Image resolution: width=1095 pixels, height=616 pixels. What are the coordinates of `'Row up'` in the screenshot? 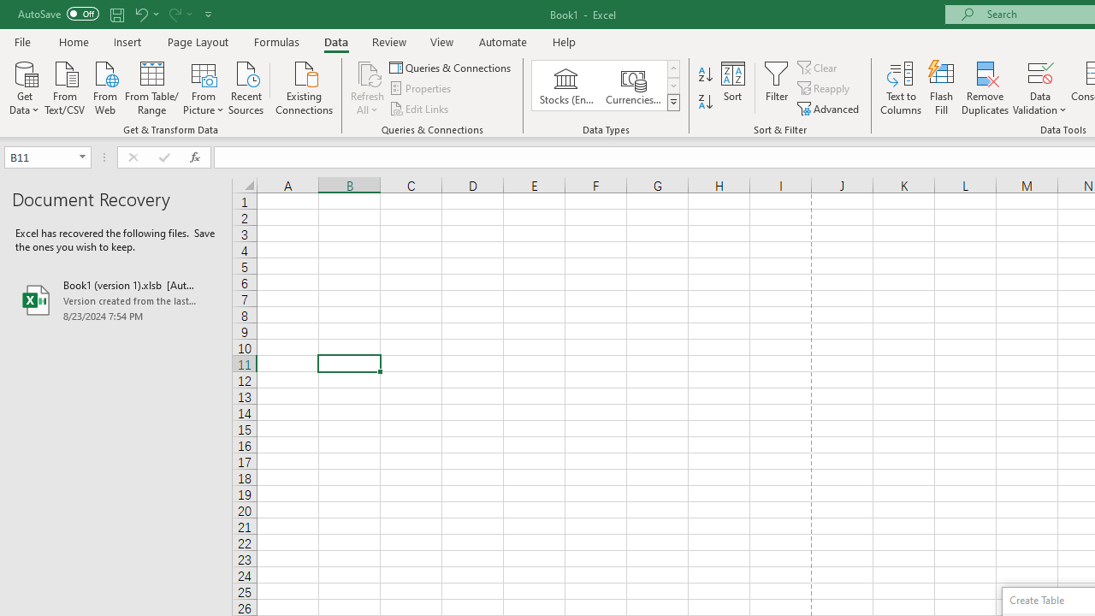 It's located at (672, 68).